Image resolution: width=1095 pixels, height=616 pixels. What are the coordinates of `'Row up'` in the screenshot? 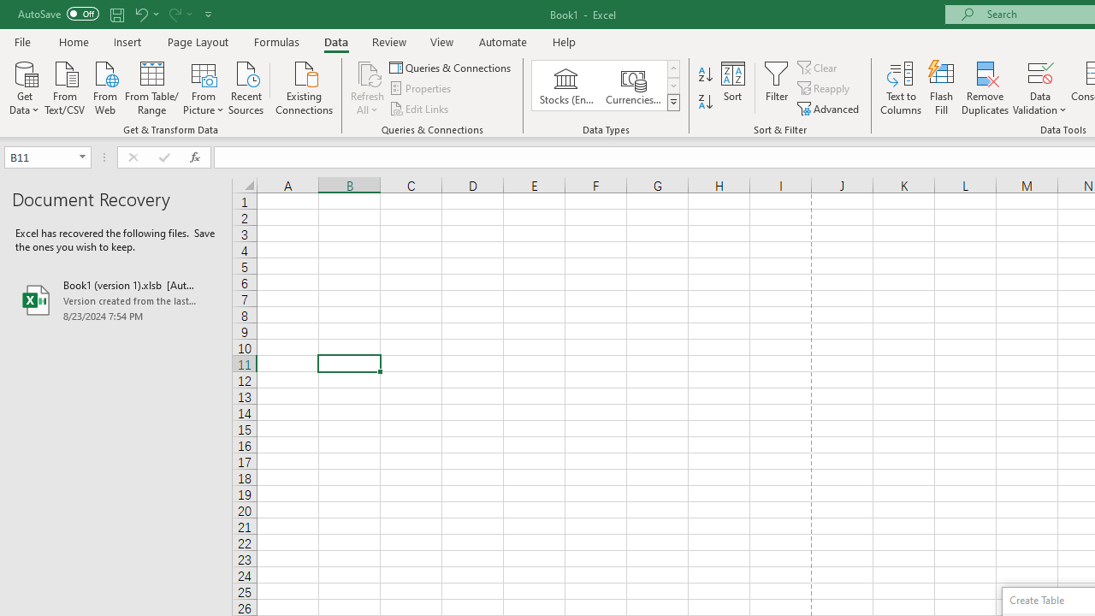 It's located at (672, 68).